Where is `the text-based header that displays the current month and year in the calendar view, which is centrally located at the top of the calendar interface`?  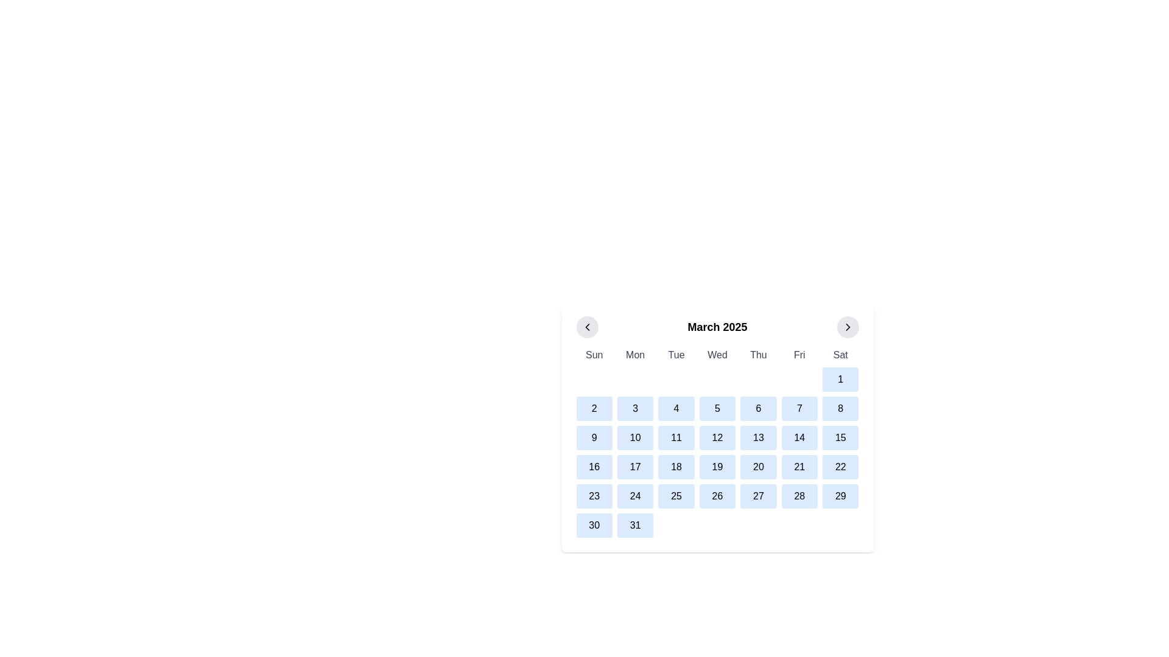
the text-based header that displays the current month and year in the calendar view, which is centrally located at the top of the calendar interface is located at coordinates (717, 326).